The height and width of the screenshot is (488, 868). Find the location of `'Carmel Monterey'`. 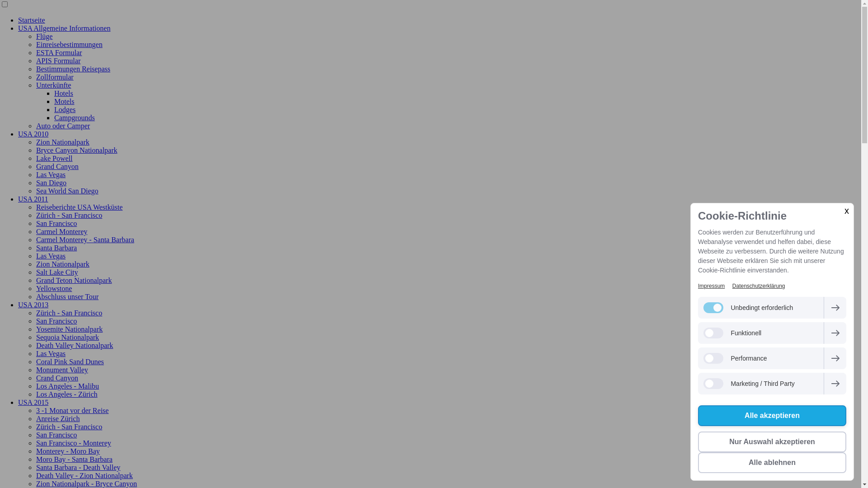

'Carmel Monterey' is located at coordinates (61, 231).